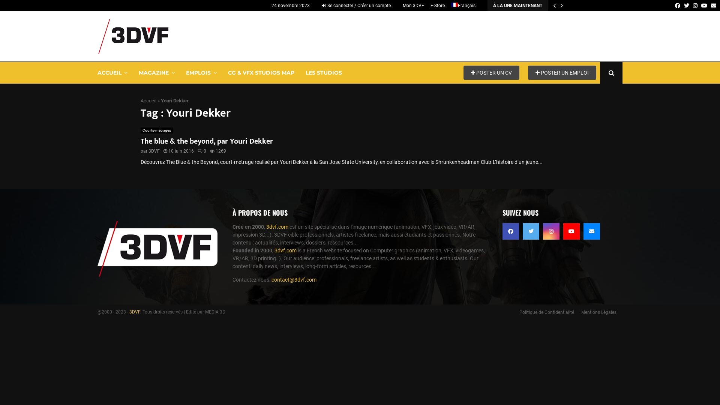 The image size is (720, 405). I want to click on 'LES STUDIOS', so click(324, 72).